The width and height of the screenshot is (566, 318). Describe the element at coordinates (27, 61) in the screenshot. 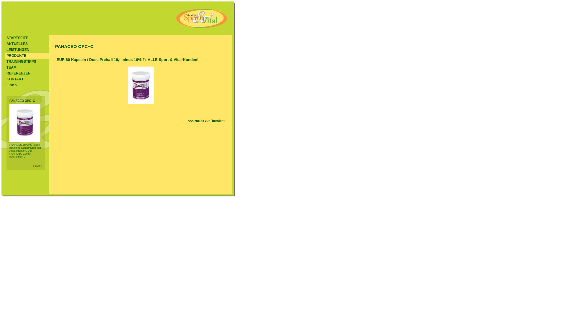

I see `'TRAININGSTIPPS'` at that location.